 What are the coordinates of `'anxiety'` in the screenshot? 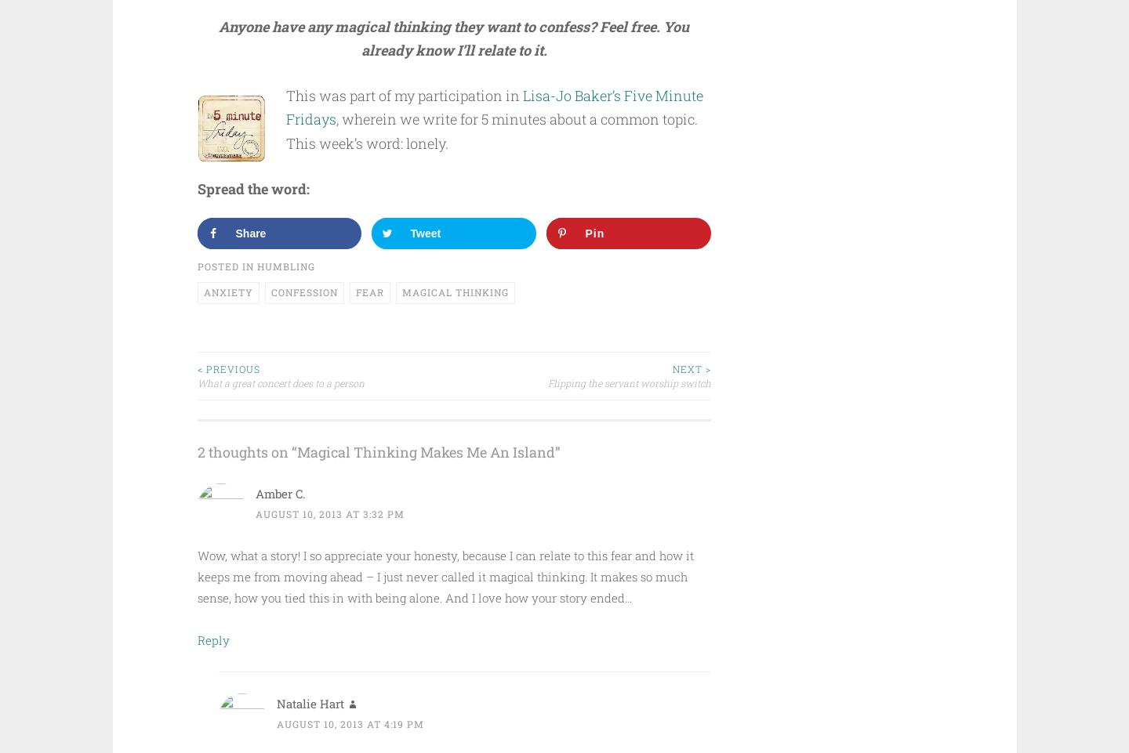 It's located at (227, 291).